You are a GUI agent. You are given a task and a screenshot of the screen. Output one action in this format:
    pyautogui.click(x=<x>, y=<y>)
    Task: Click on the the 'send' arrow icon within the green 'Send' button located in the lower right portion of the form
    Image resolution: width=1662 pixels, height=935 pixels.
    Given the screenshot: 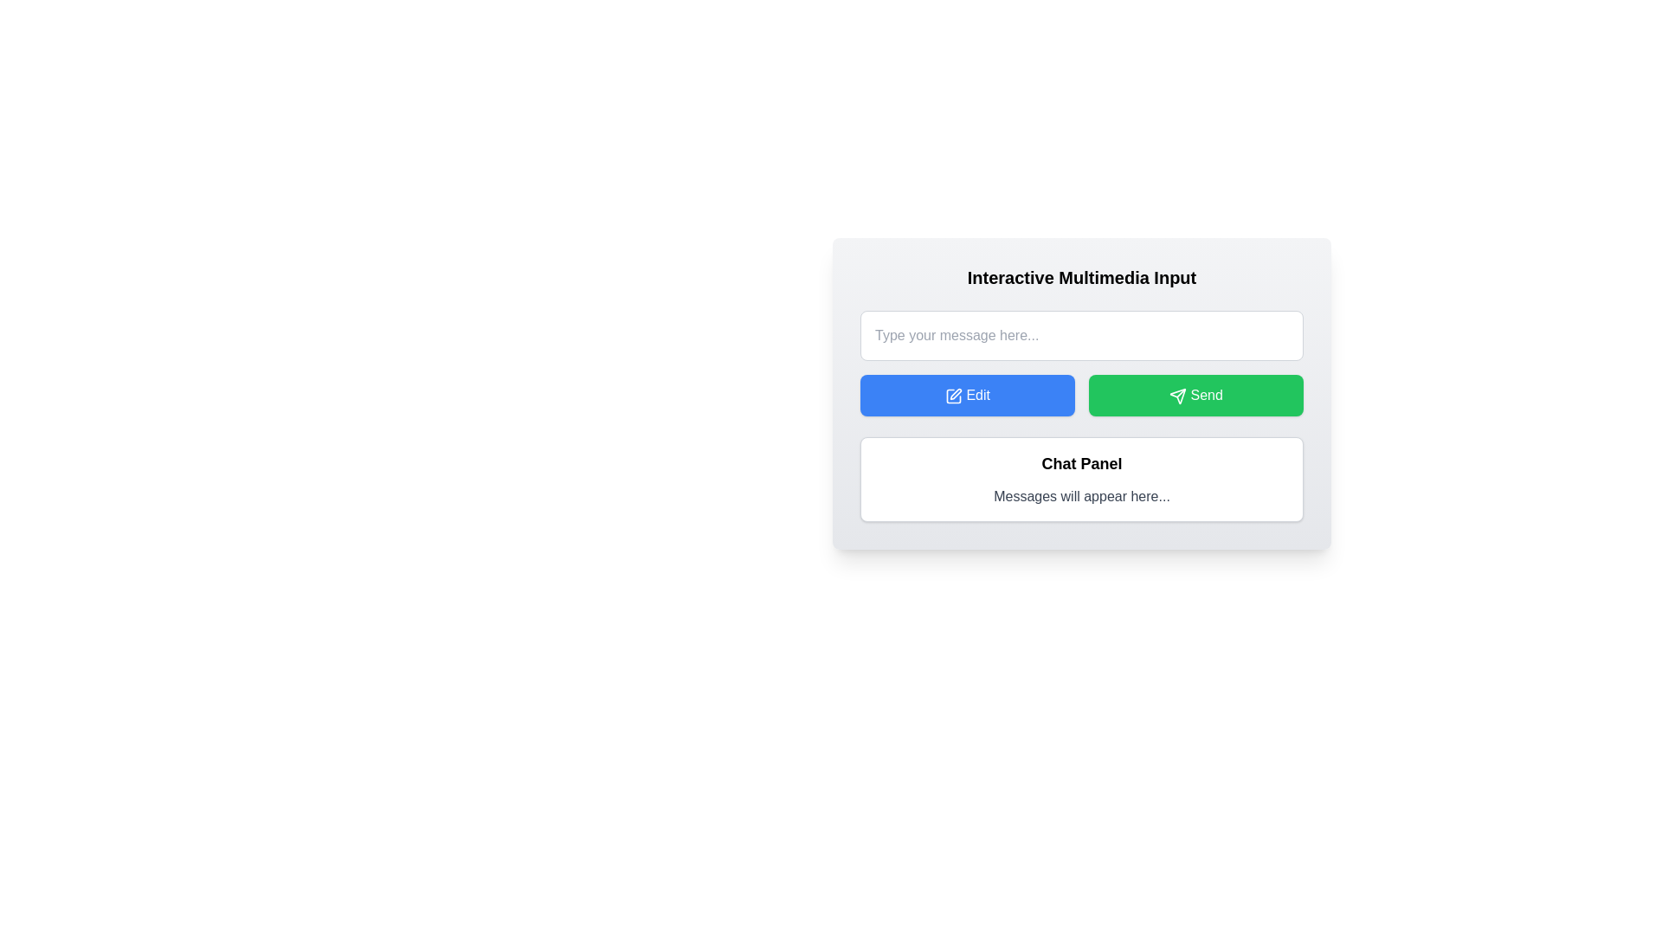 What is the action you would take?
    pyautogui.click(x=1177, y=396)
    